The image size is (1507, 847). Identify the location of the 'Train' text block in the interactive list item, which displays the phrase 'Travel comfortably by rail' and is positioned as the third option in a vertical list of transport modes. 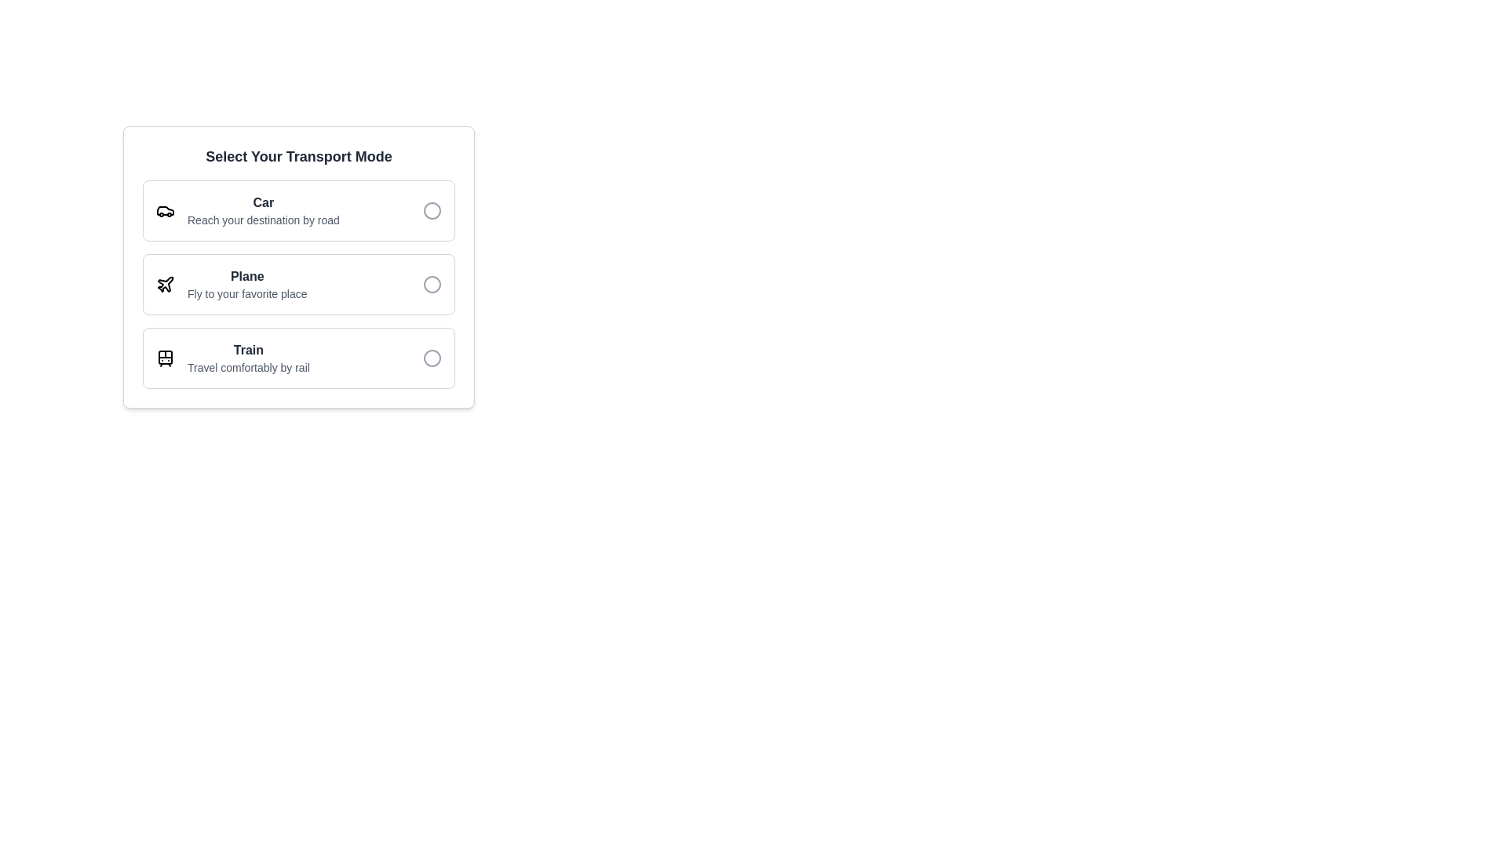
(247, 358).